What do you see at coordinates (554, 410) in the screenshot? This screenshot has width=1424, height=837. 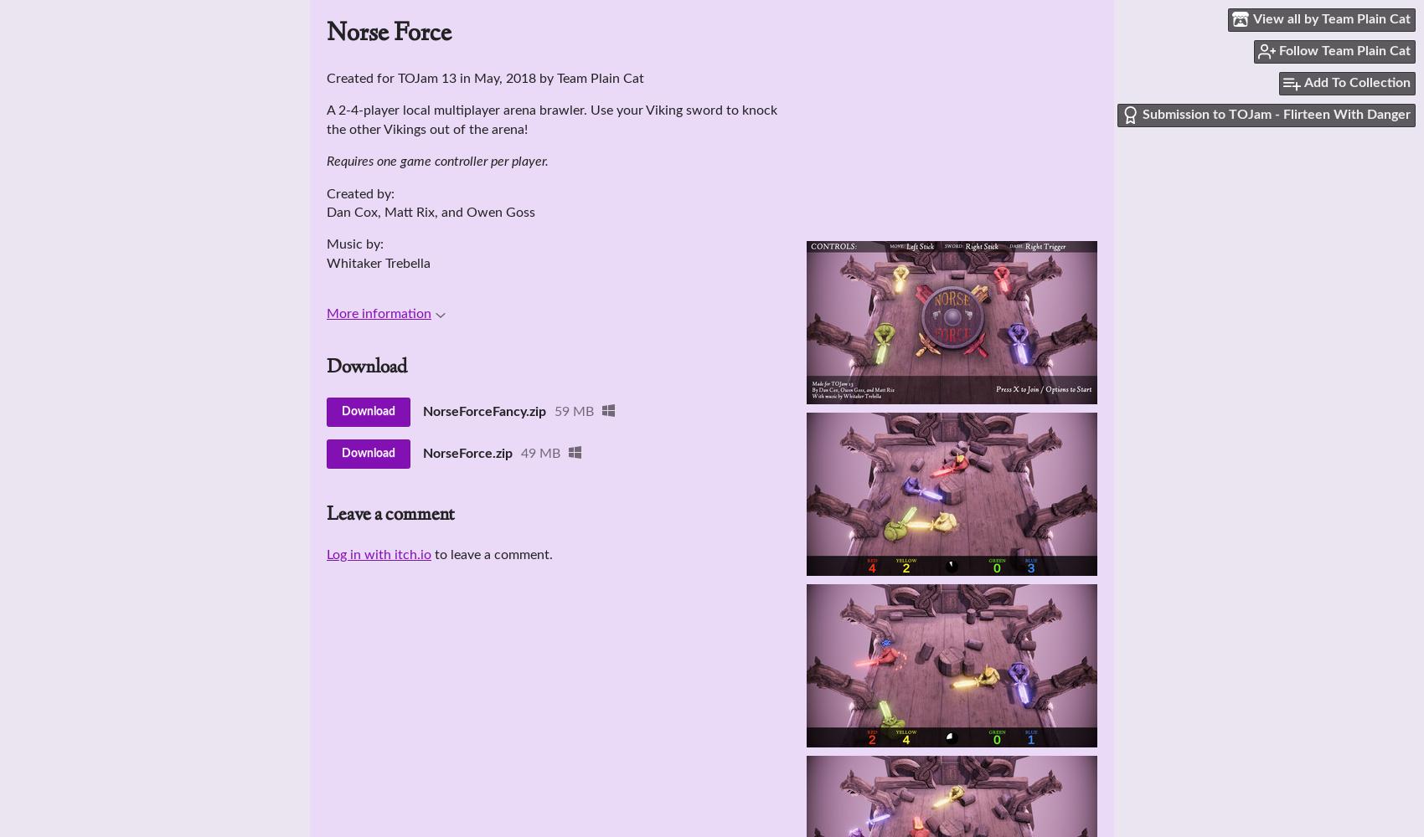 I see `'59 MB'` at bounding box center [554, 410].